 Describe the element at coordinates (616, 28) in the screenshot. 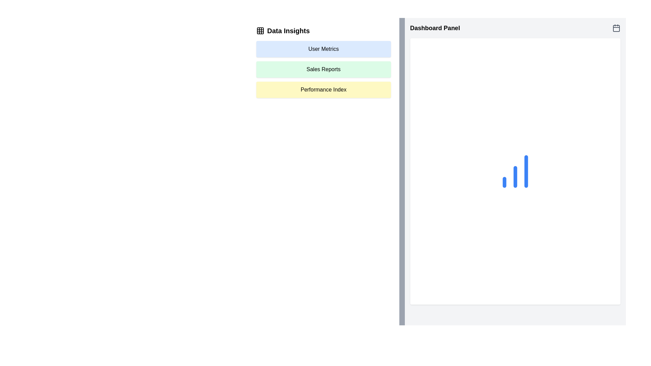

I see `the gray minimalist calendar icon located at the top-right corner of the Dashboard Panel` at that location.